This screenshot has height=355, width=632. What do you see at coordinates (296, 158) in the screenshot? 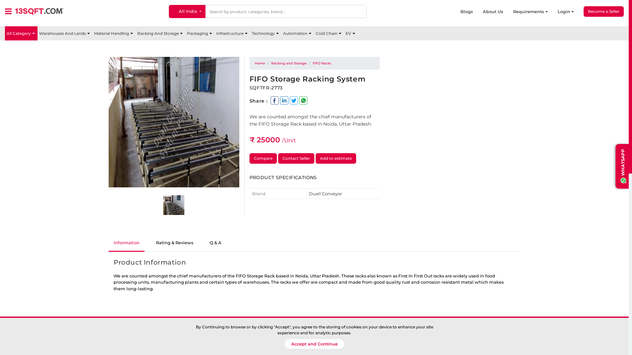
I see `'Contact Seller'` at bounding box center [296, 158].